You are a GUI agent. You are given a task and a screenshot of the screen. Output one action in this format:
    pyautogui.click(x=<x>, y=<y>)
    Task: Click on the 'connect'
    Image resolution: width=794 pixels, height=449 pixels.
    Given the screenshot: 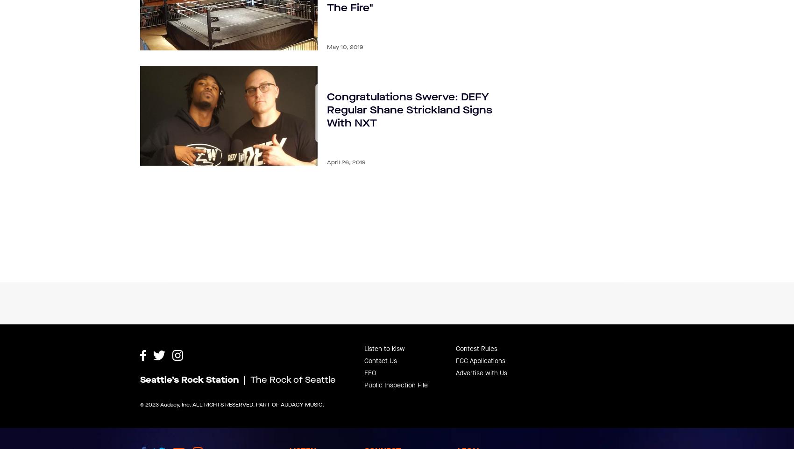 What is the action you would take?
    pyautogui.click(x=382, y=428)
    